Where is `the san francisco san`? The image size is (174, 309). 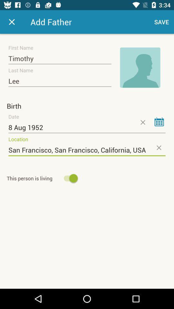 the san francisco san is located at coordinates (87, 150).